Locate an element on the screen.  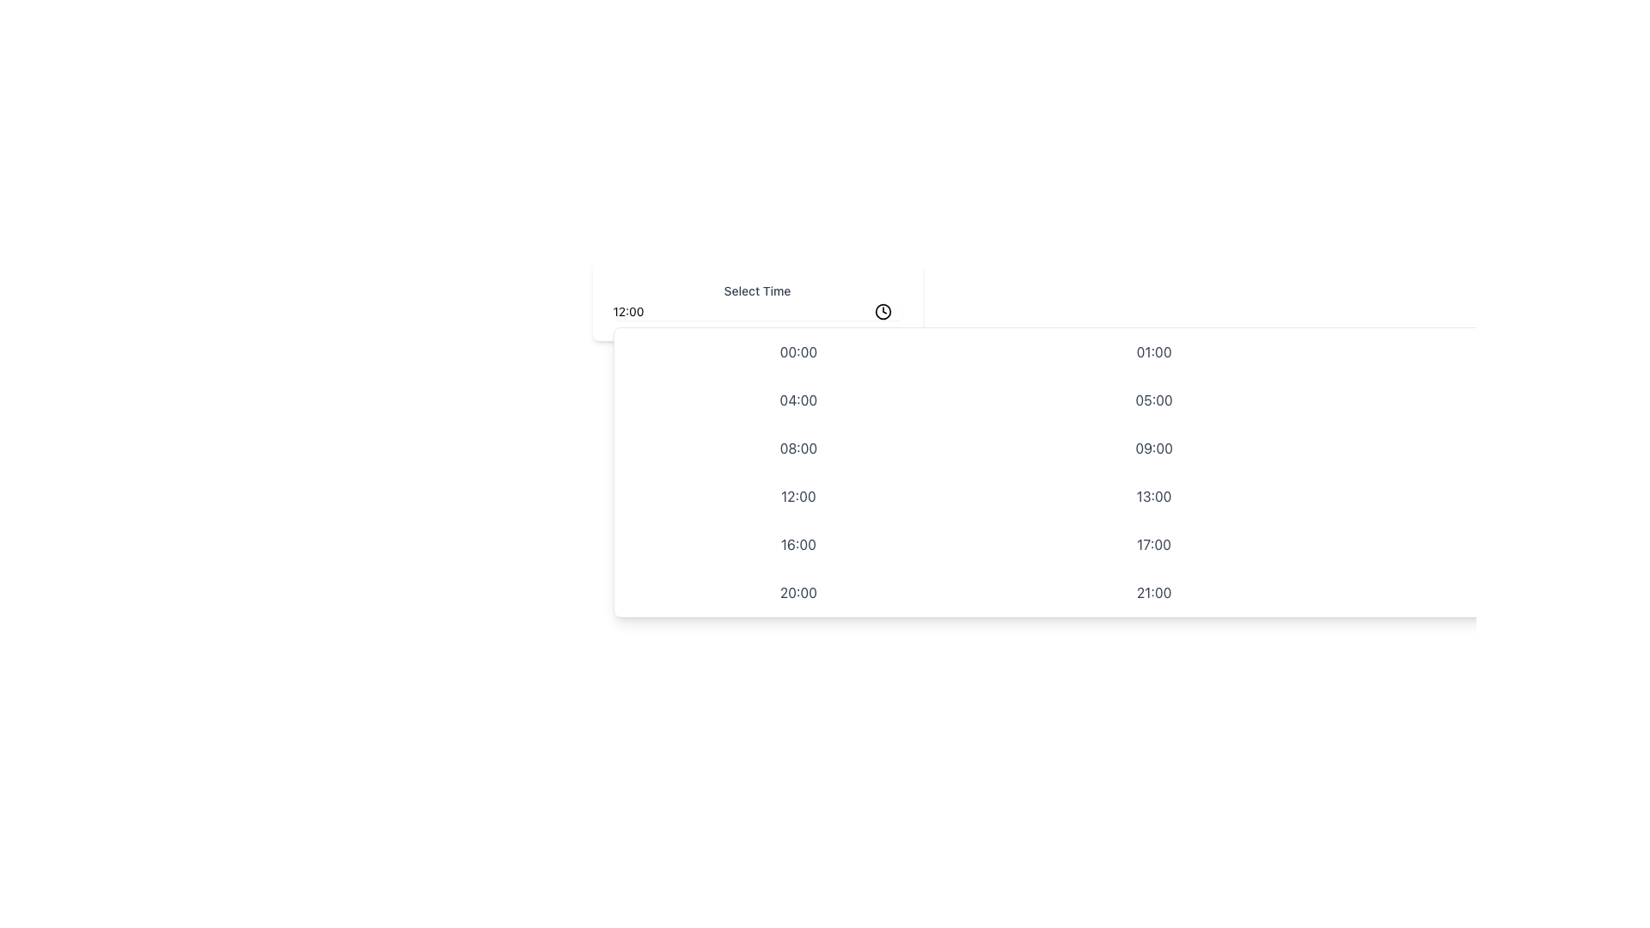
the button displaying '08:00' in bold gray font is located at coordinates (797, 447).